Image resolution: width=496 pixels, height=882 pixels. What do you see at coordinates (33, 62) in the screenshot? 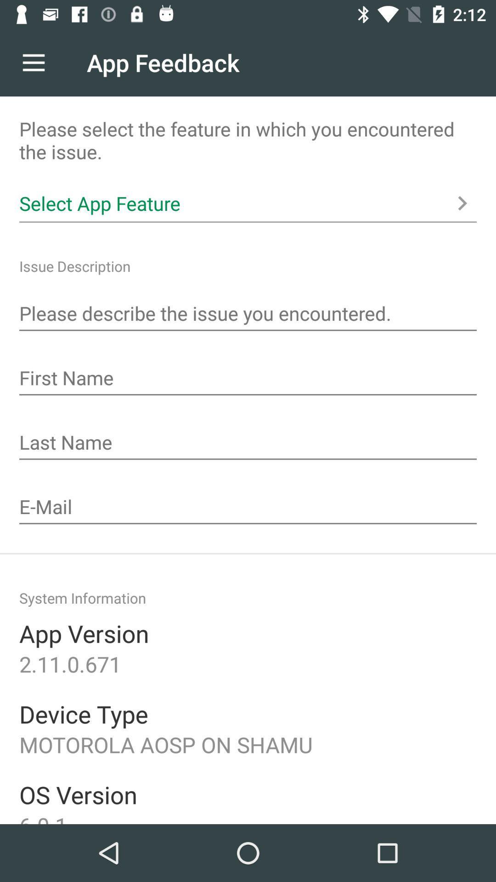
I see `item above please select the icon` at bounding box center [33, 62].